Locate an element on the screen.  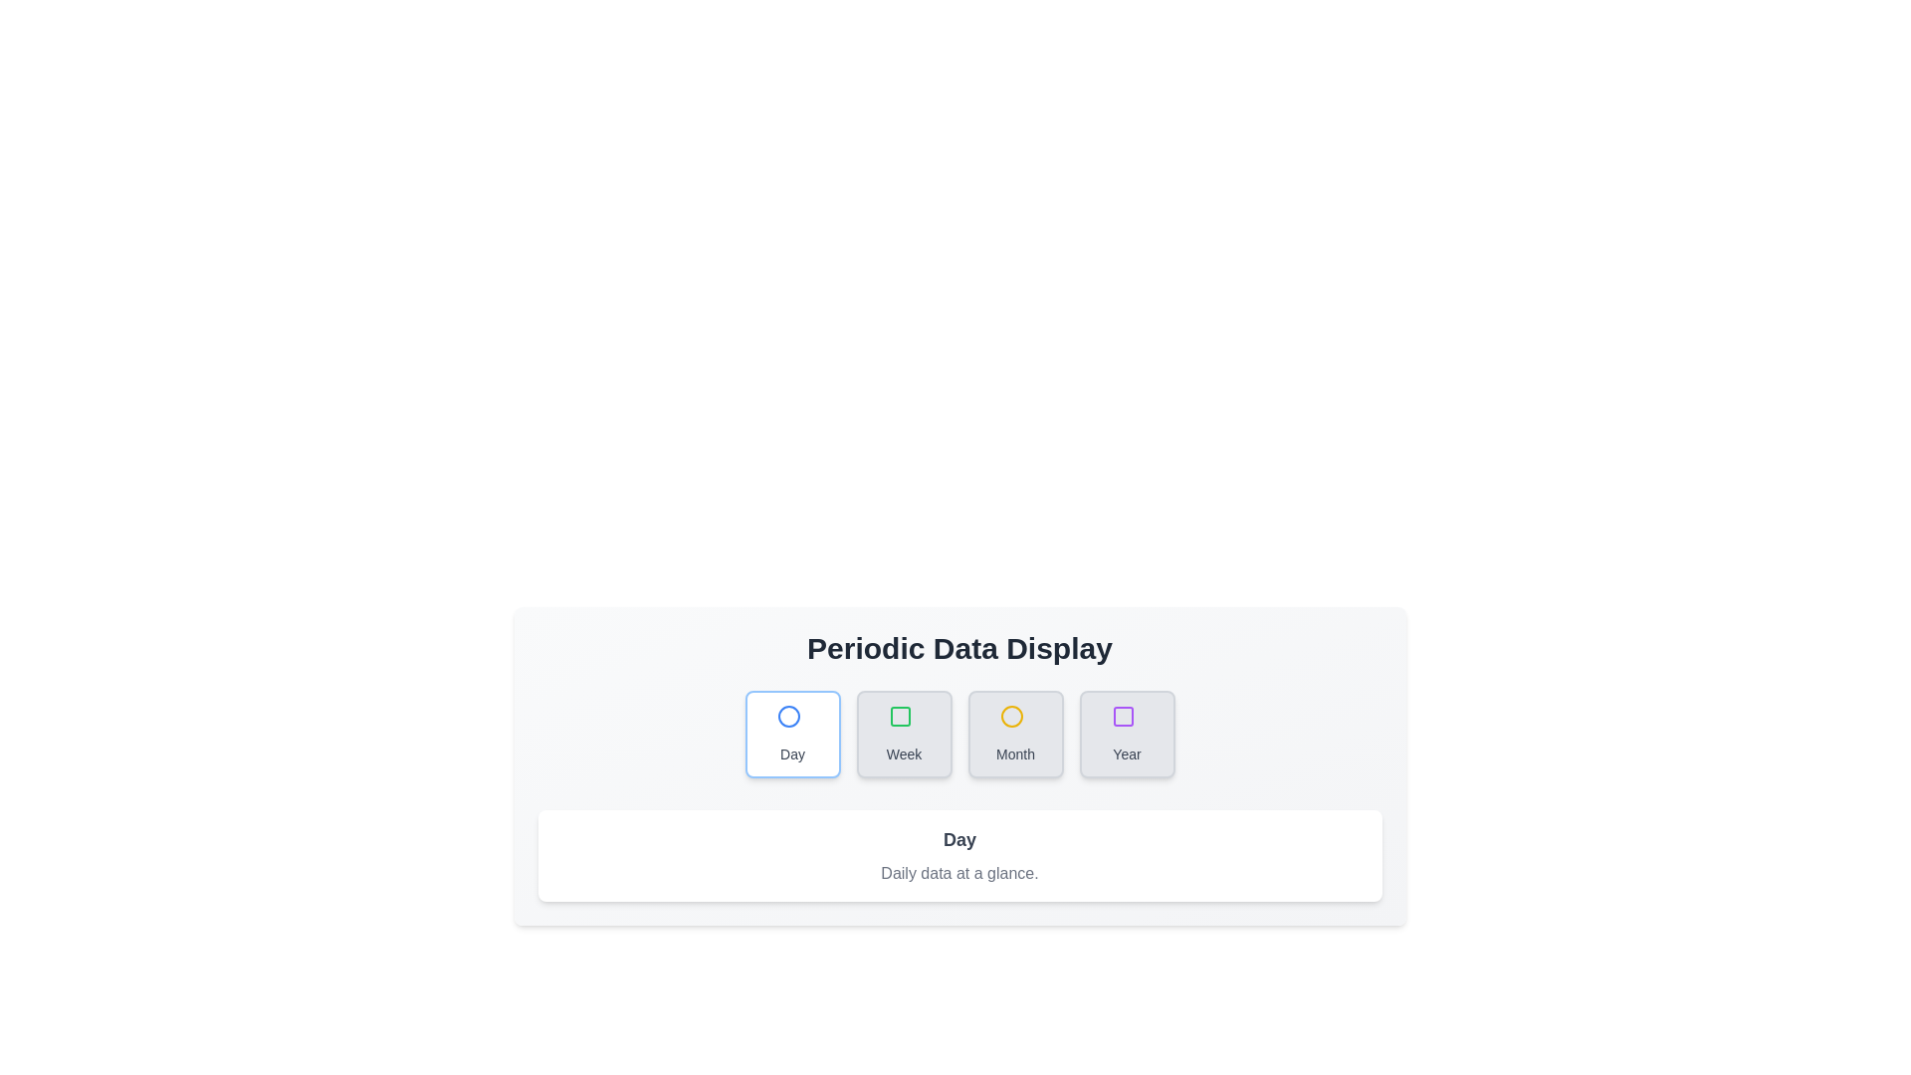
the 'Week' selection button, which is a square icon with green borders and a hollow interior, located under the 'Periodic Data Display' title is located at coordinates (899, 717).